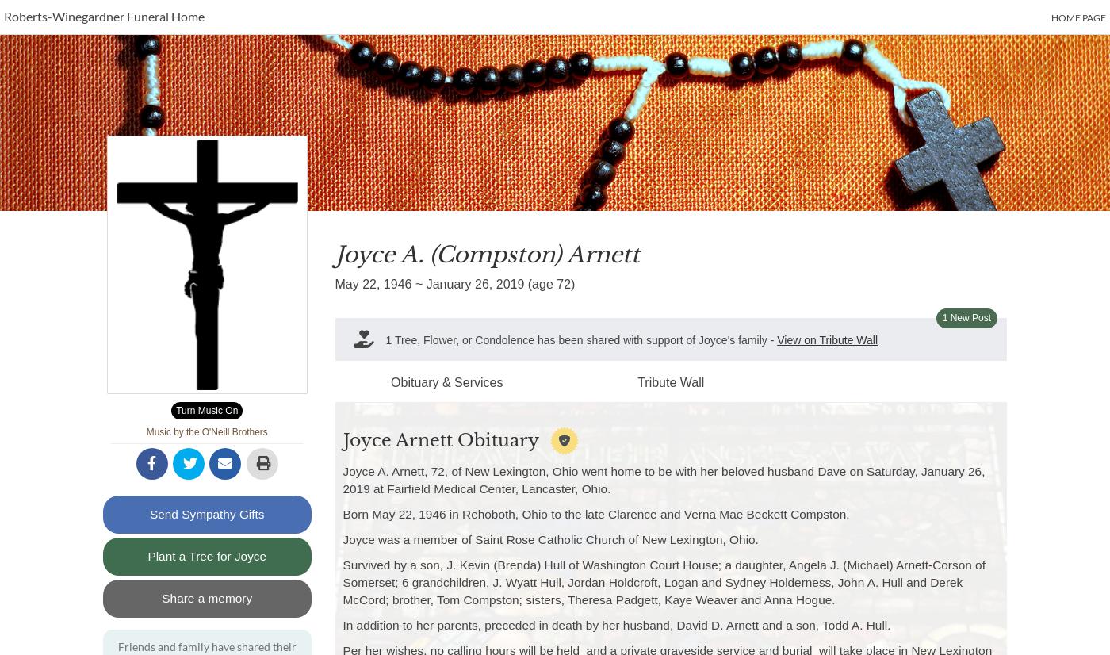 The image size is (1110, 655). I want to click on 'Tribute Wall', so click(671, 381).